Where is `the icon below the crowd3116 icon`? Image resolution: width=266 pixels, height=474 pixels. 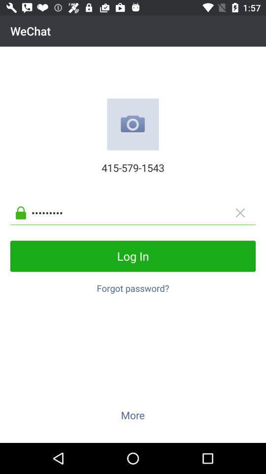
the icon below the crowd3116 icon is located at coordinates (133, 255).